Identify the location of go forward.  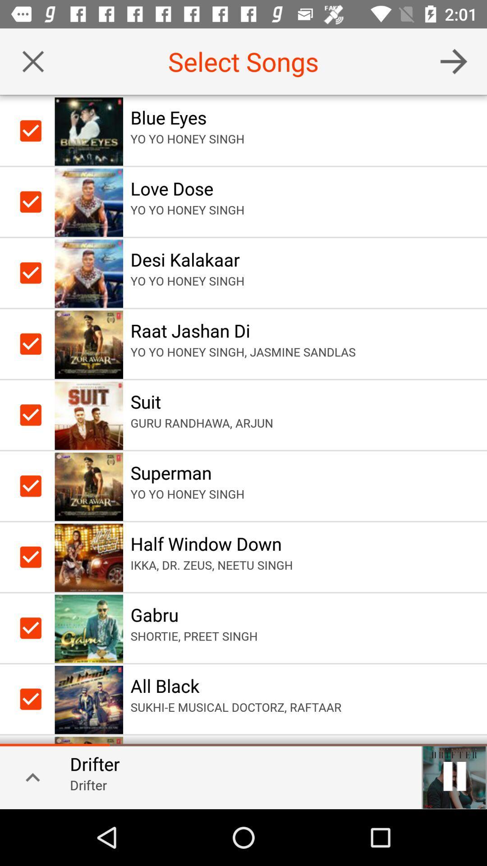
(454, 61).